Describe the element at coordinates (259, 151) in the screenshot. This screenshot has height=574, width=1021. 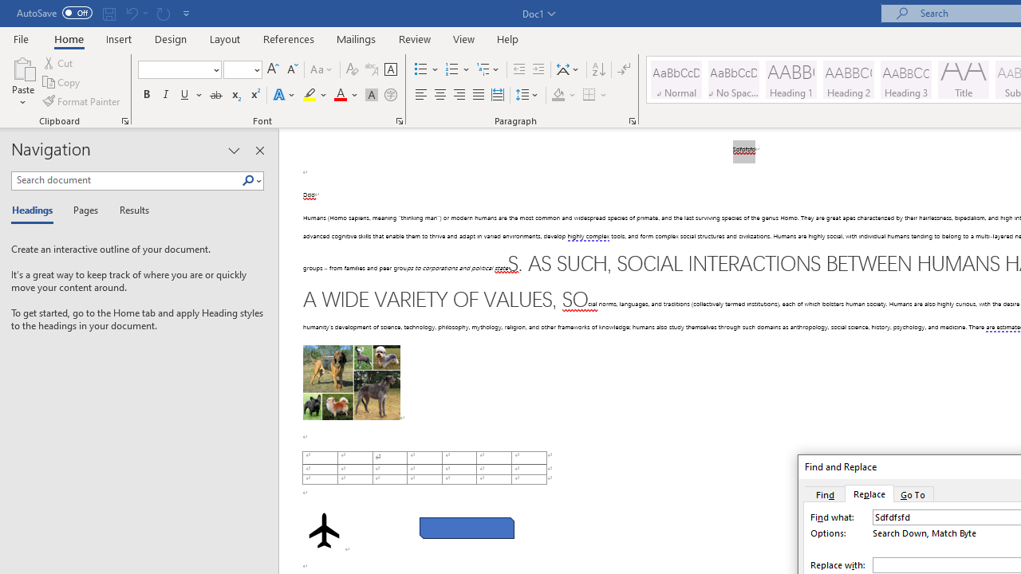
I see `'Close pane'` at that location.